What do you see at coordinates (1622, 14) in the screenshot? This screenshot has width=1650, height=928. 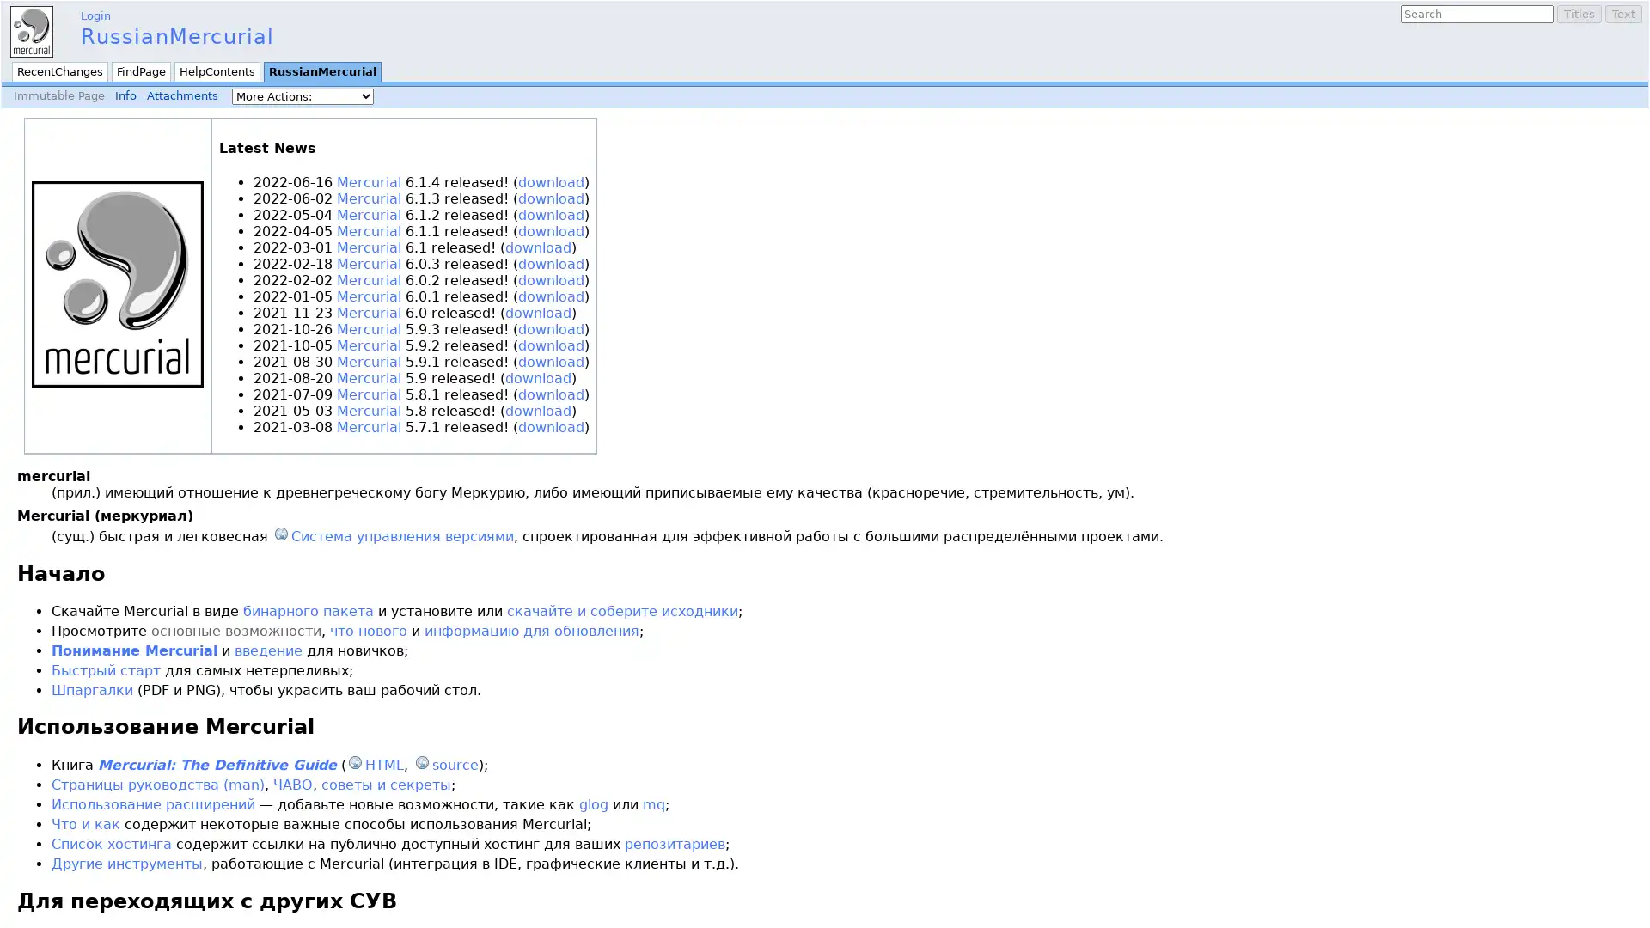 I see `Text` at bounding box center [1622, 14].